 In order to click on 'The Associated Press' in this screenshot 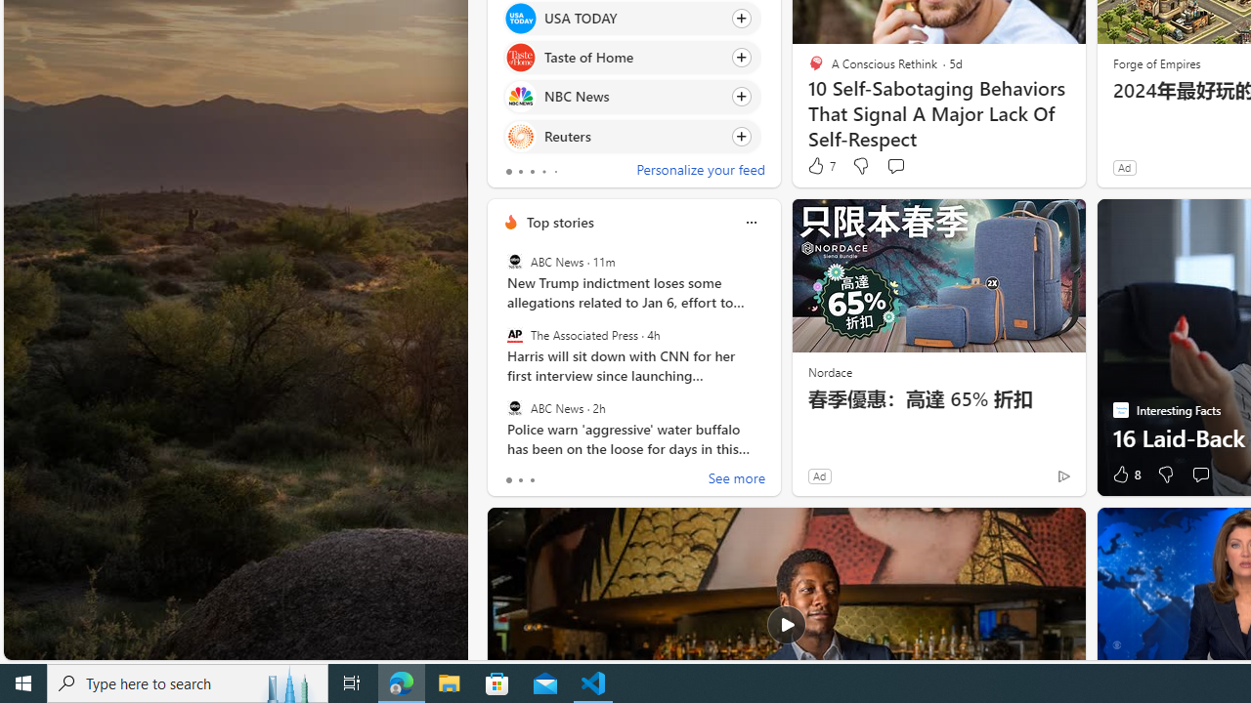, I will do `click(514, 334)`.